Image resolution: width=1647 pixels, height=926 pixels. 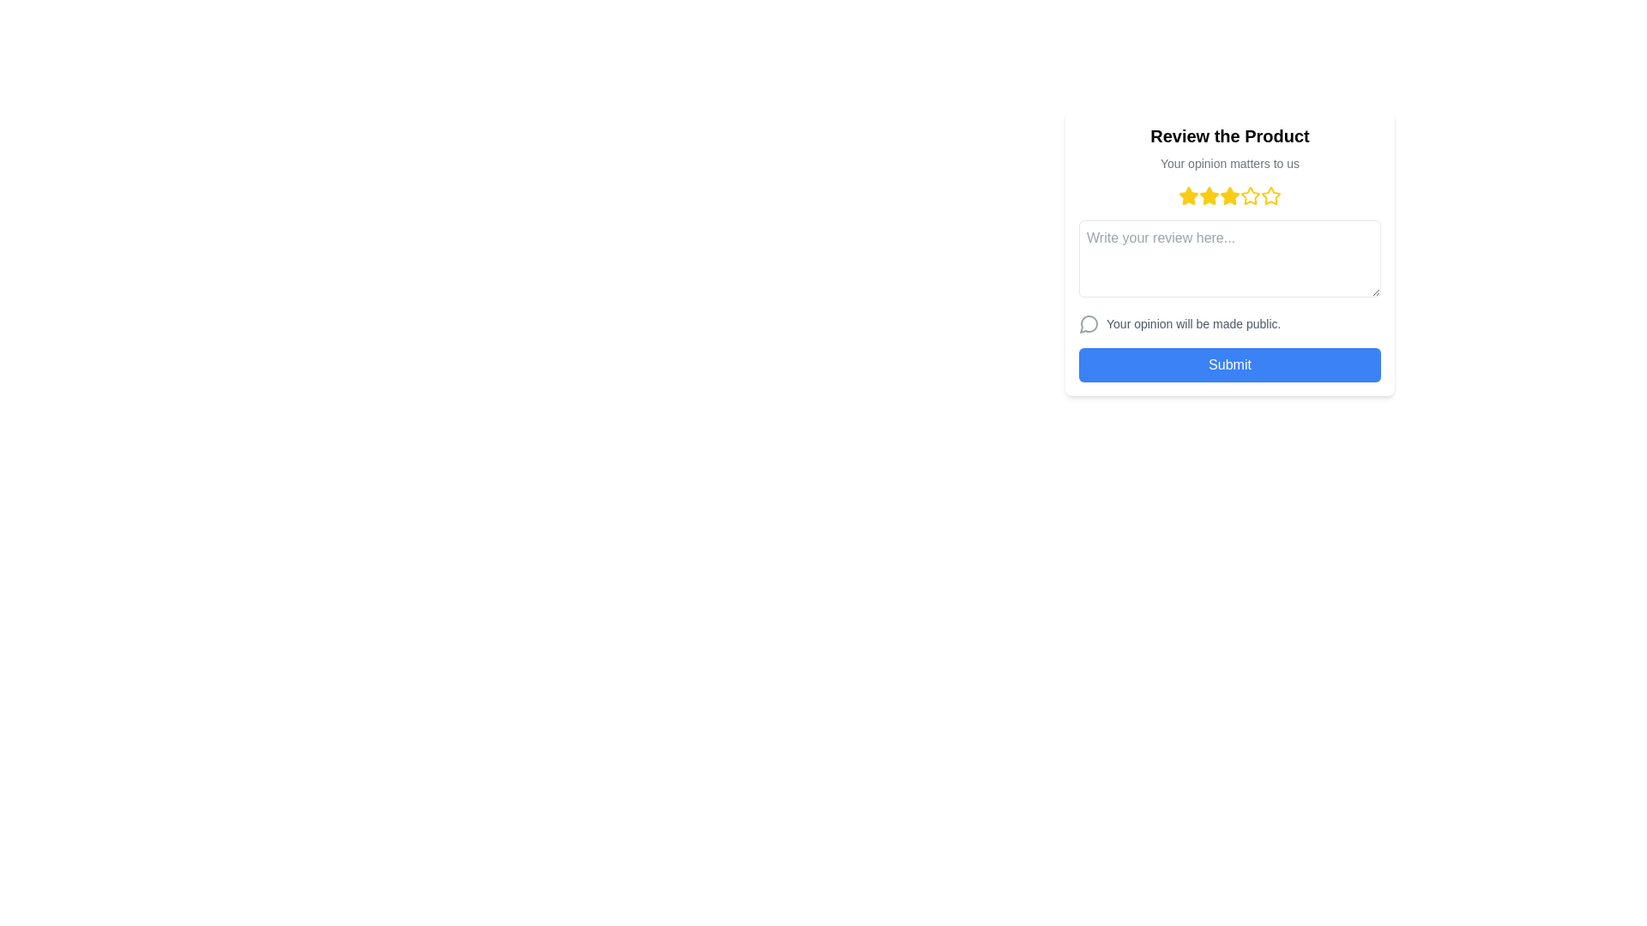 What do you see at coordinates (1188, 195) in the screenshot?
I see `the first Rating Star icon, which is outlined with a yellow fill and located in the top-center area of the review interface` at bounding box center [1188, 195].